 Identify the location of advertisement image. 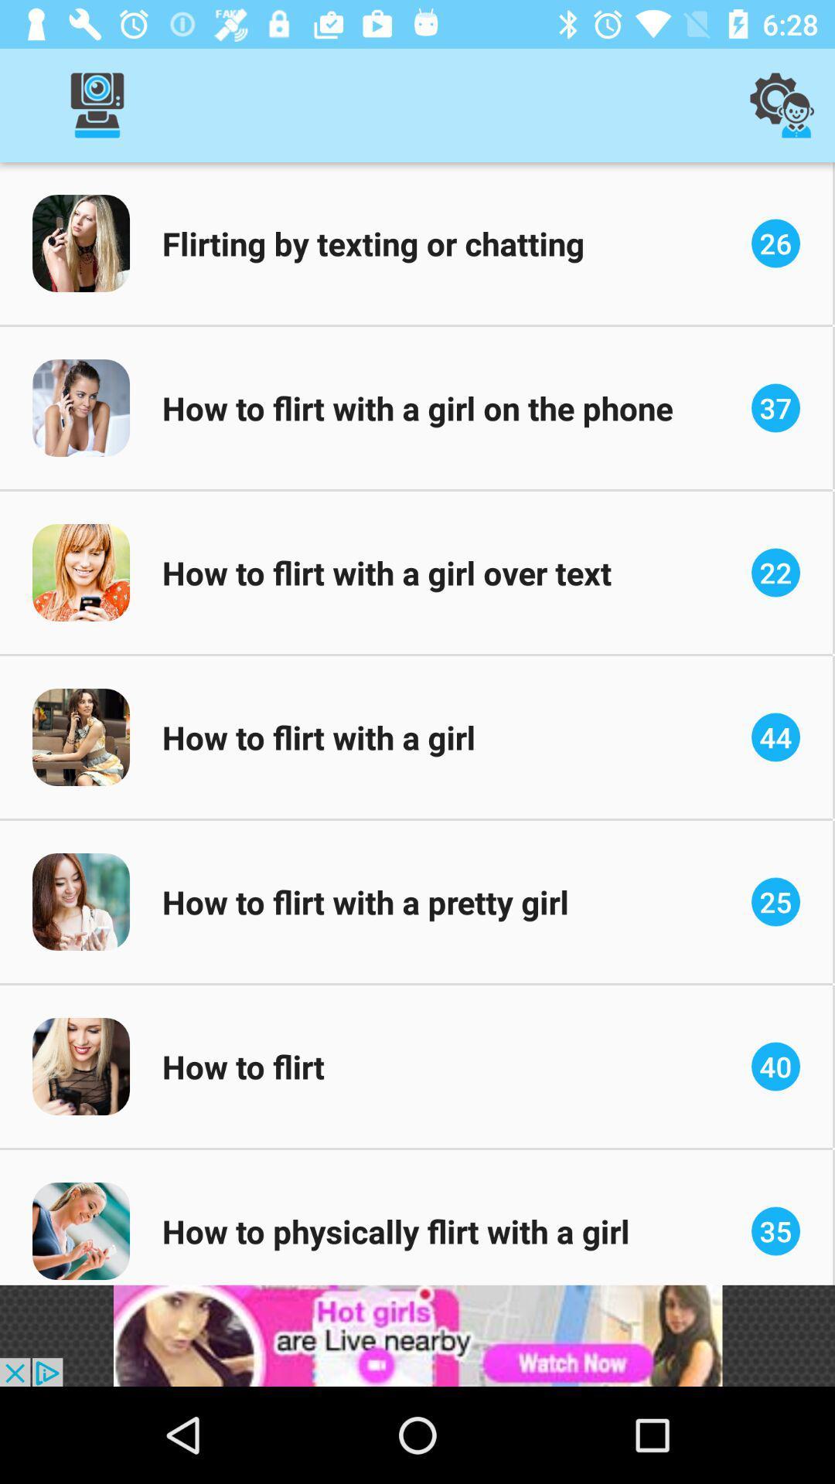
(417, 1335).